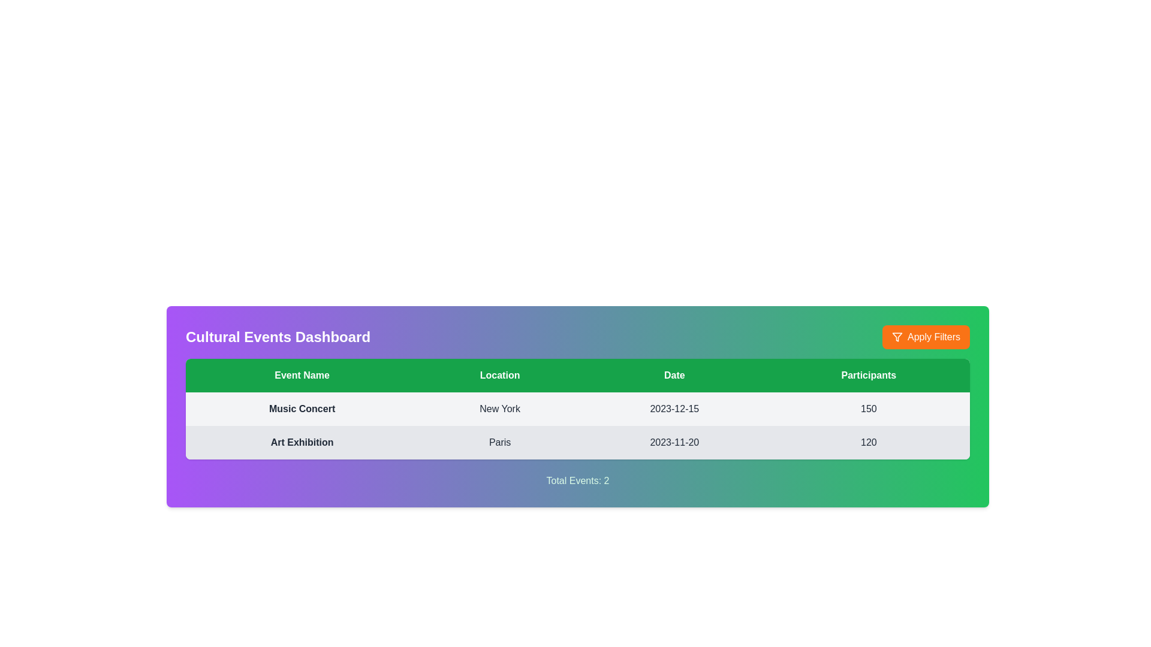  I want to click on the row corresponding to the event 'Art Exhibition' to observe its hover effect, so click(578, 443).